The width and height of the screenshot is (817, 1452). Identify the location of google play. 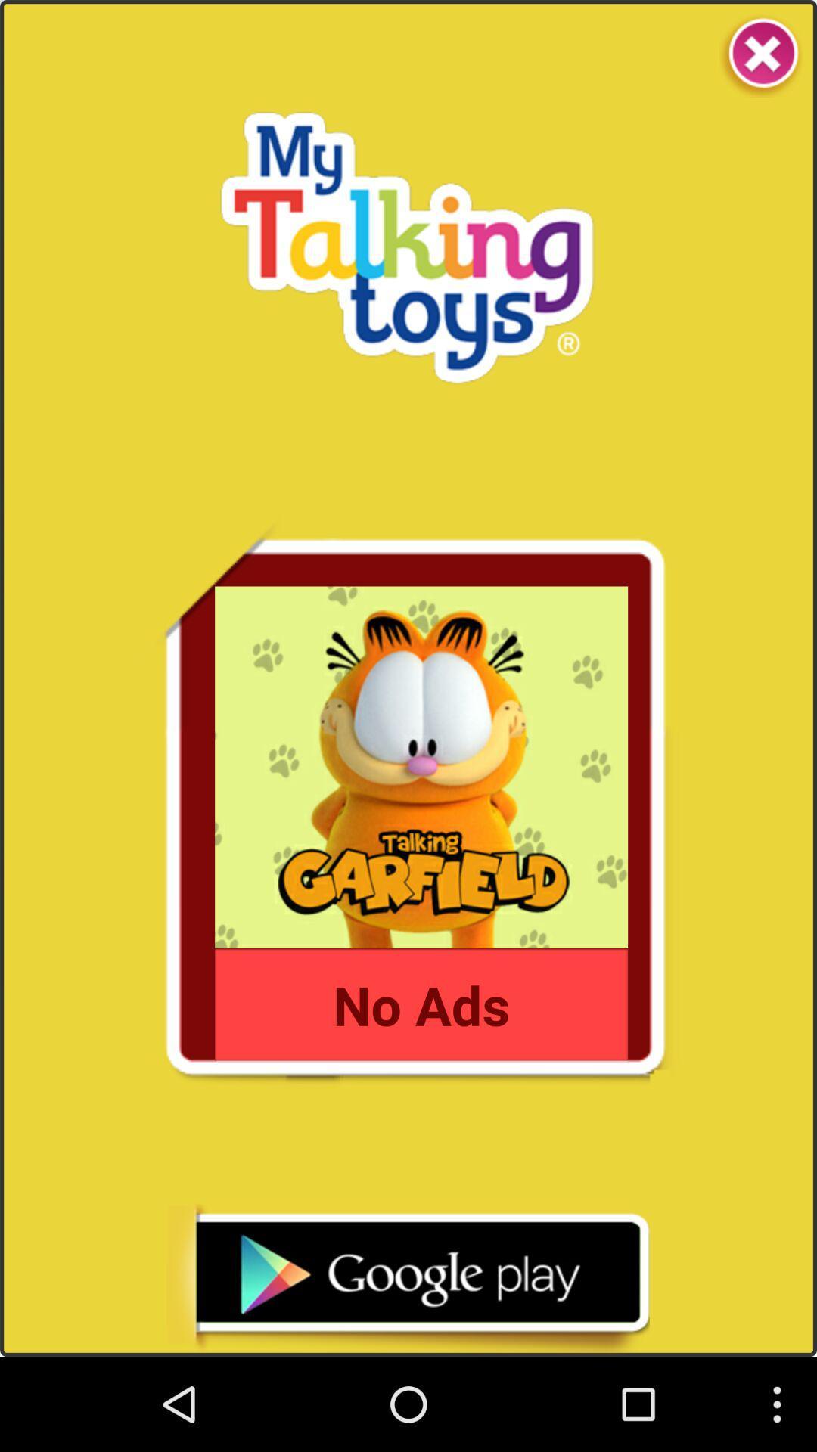
(407, 1279).